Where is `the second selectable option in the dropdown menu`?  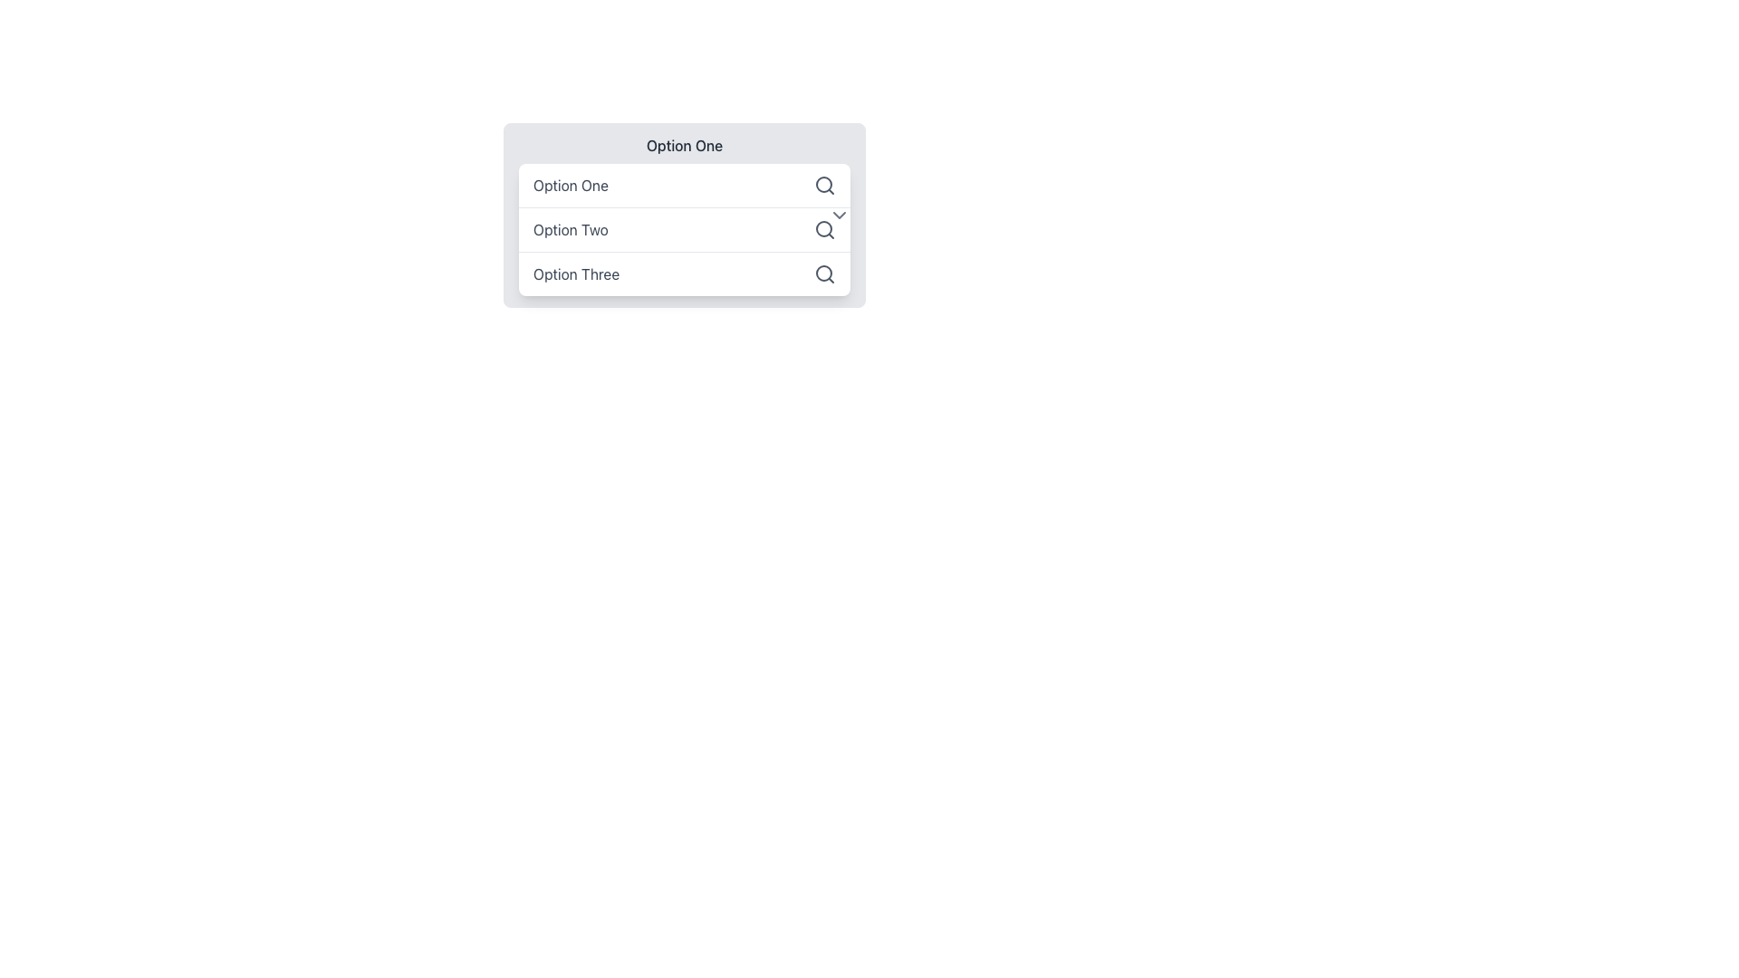 the second selectable option in the dropdown menu is located at coordinates (683, 215).